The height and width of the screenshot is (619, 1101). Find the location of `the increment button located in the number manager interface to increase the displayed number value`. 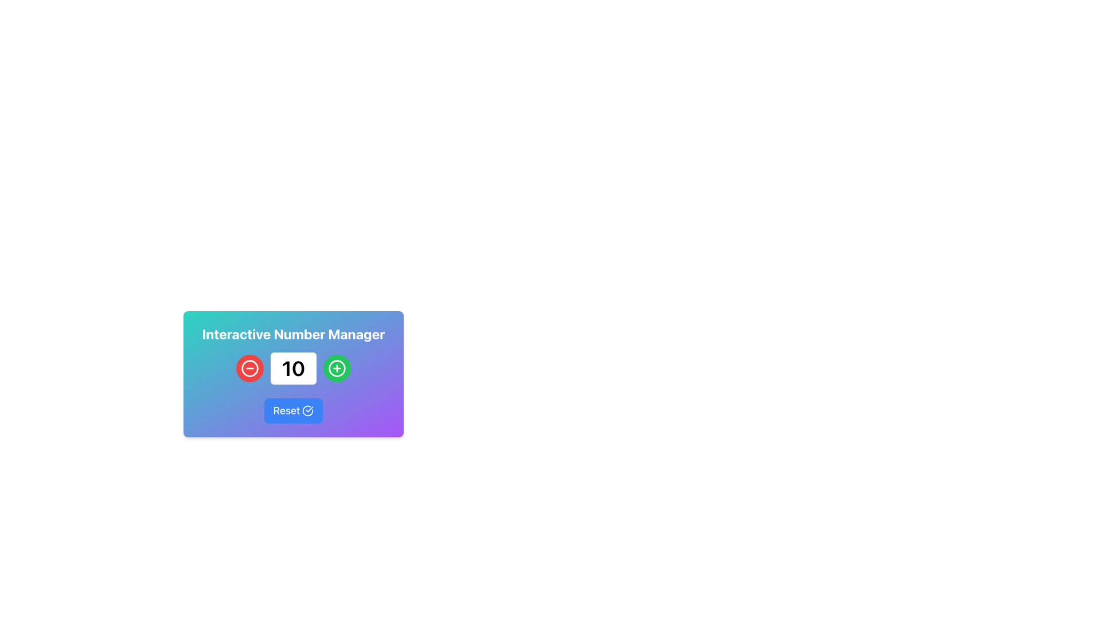

the increment button located in the number manager interface to increase the displayed number value is located at coordinates (337, 369).